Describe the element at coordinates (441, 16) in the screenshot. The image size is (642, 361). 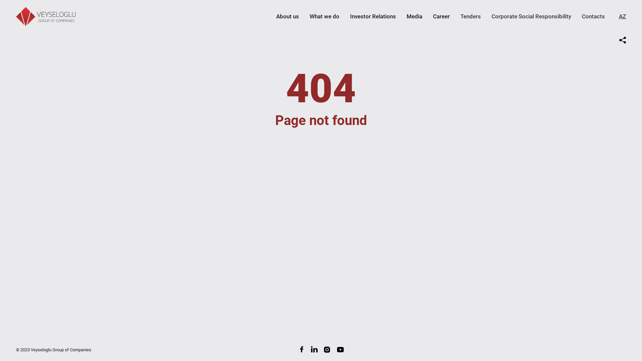
I see `'Career'` at that location.